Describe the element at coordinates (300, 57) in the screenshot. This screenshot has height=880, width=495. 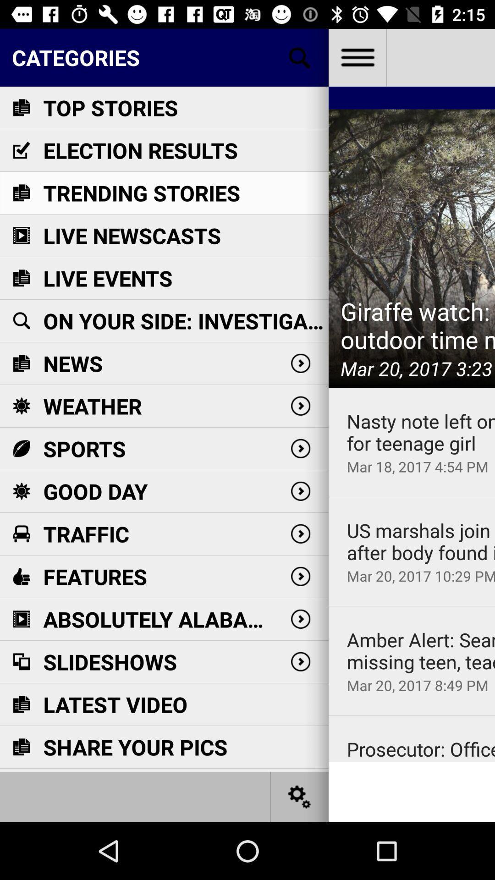
I see `the search icon` at that location.